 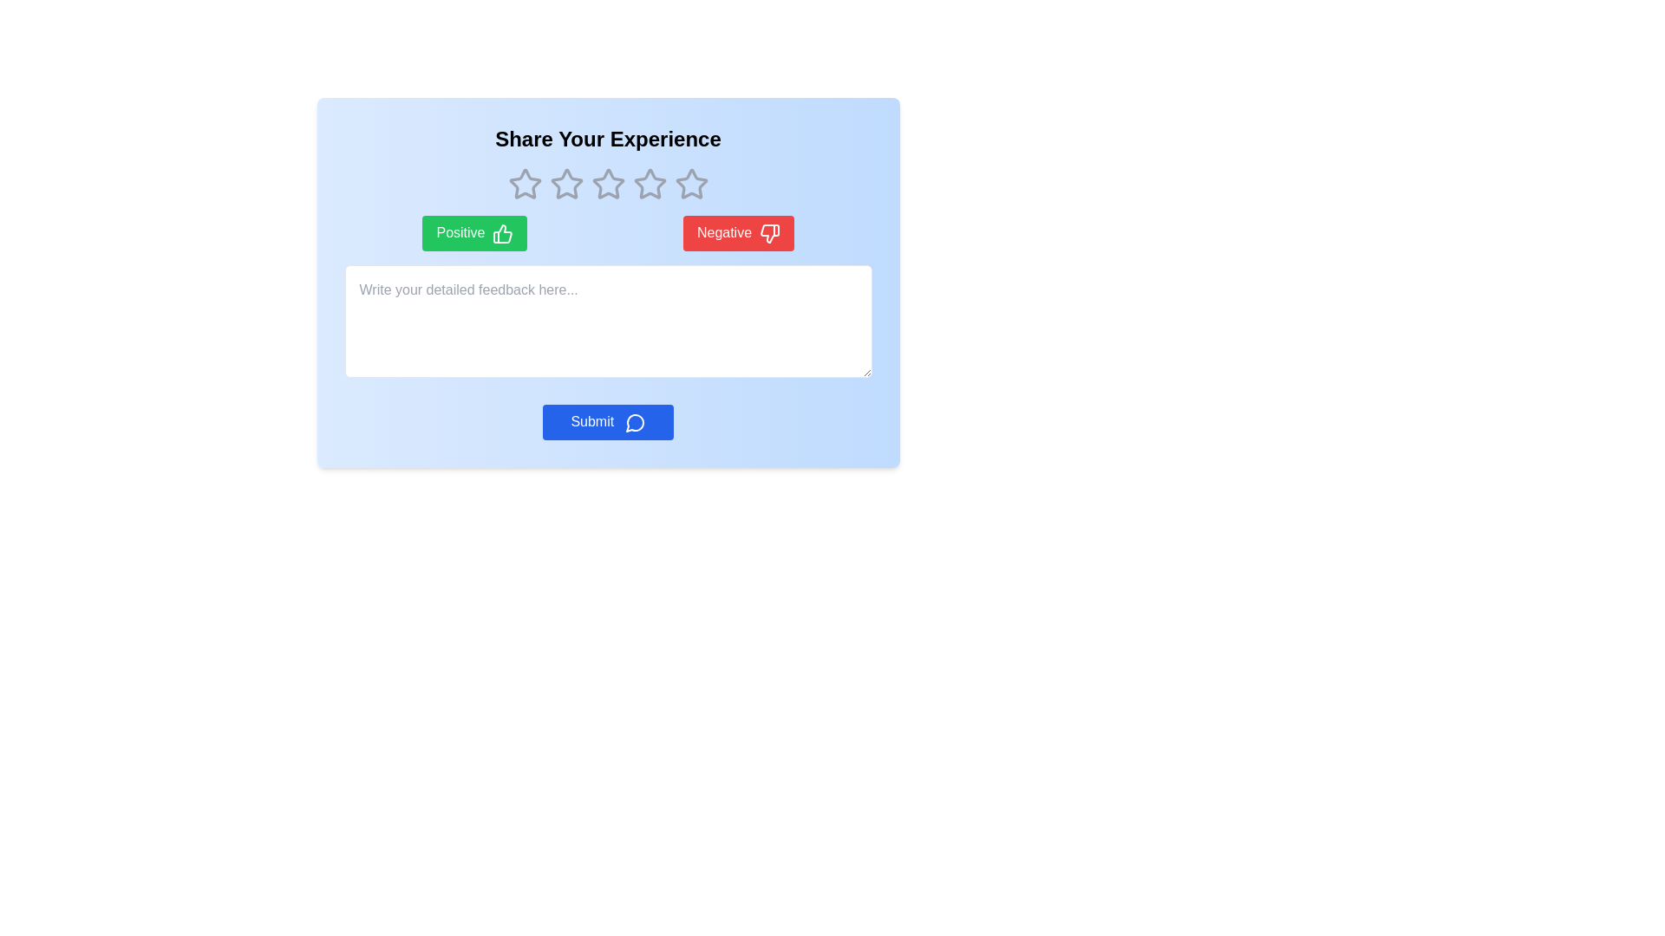 I want to click on the 'Submit' button with a bright blue background and white text, so click(x=608, y=422).